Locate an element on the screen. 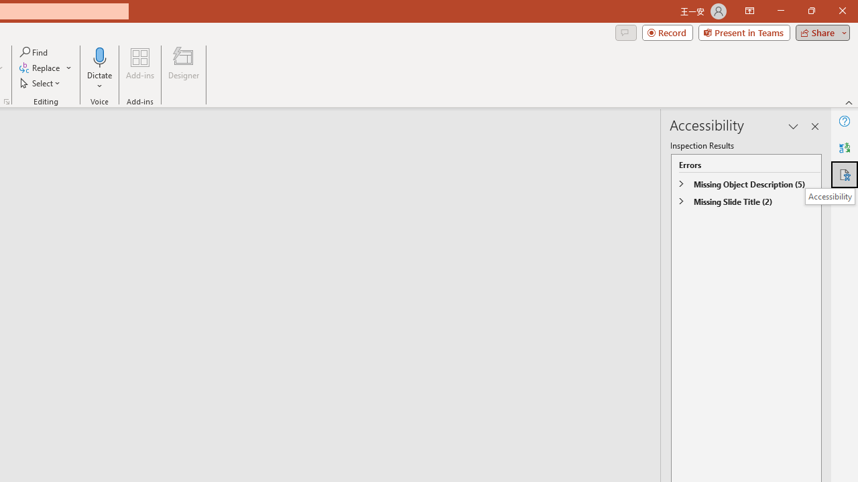 The width and height of the screenshot is (858, 482). 'Translator' is located at coordinates (844, 148).